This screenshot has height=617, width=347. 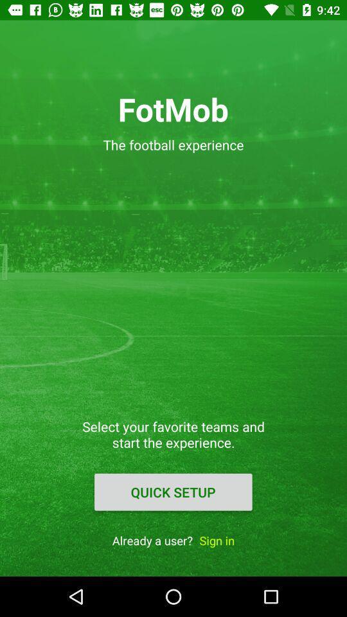 I want to click on the item to the right of the already a user?, so click(x=217, y=540).